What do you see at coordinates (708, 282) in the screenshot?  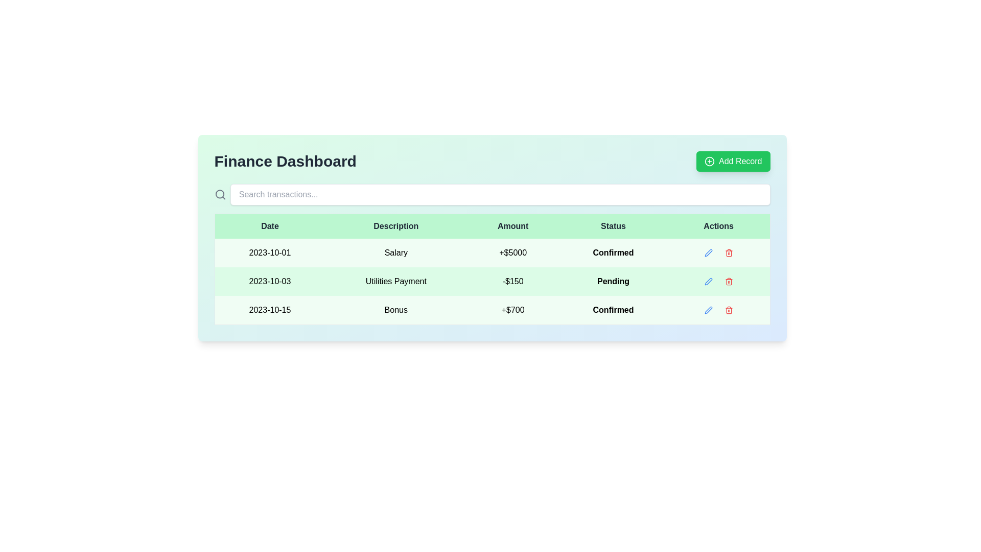 I see `the Interactive pen icon located in the second row of the table within the 'Actions' column to initiate the edit action` at bounding box center [708, 282].